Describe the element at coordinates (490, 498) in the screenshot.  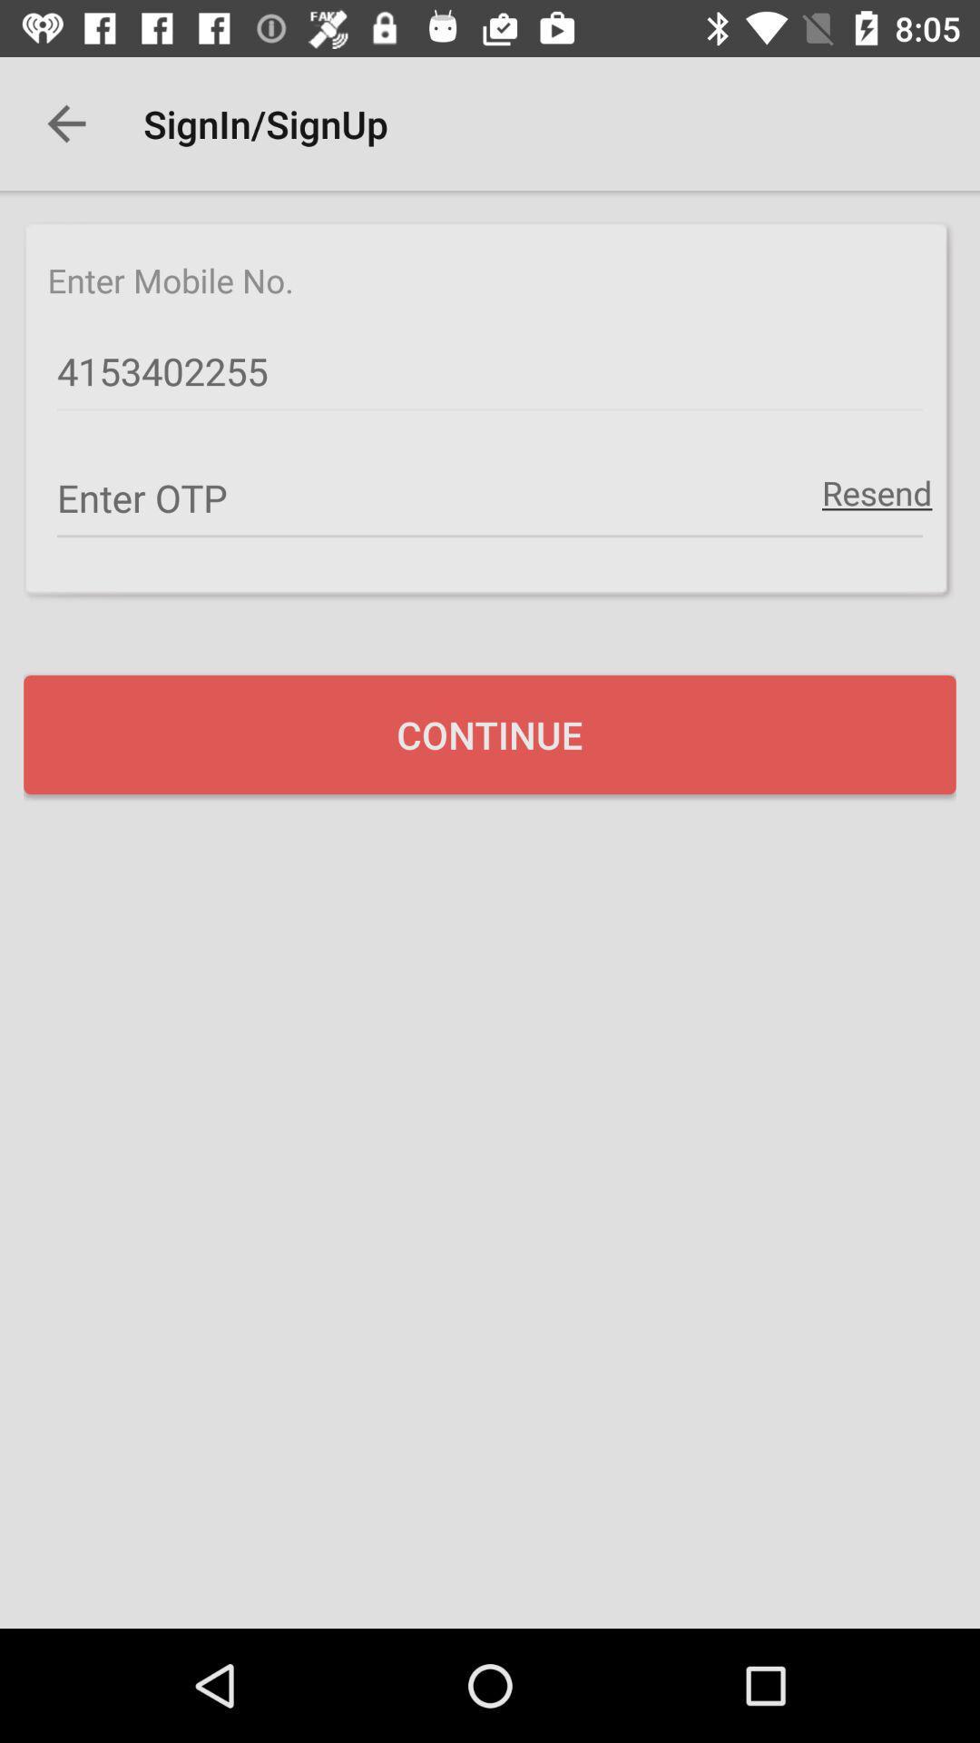
I see `the icon above continue icon` at that location.